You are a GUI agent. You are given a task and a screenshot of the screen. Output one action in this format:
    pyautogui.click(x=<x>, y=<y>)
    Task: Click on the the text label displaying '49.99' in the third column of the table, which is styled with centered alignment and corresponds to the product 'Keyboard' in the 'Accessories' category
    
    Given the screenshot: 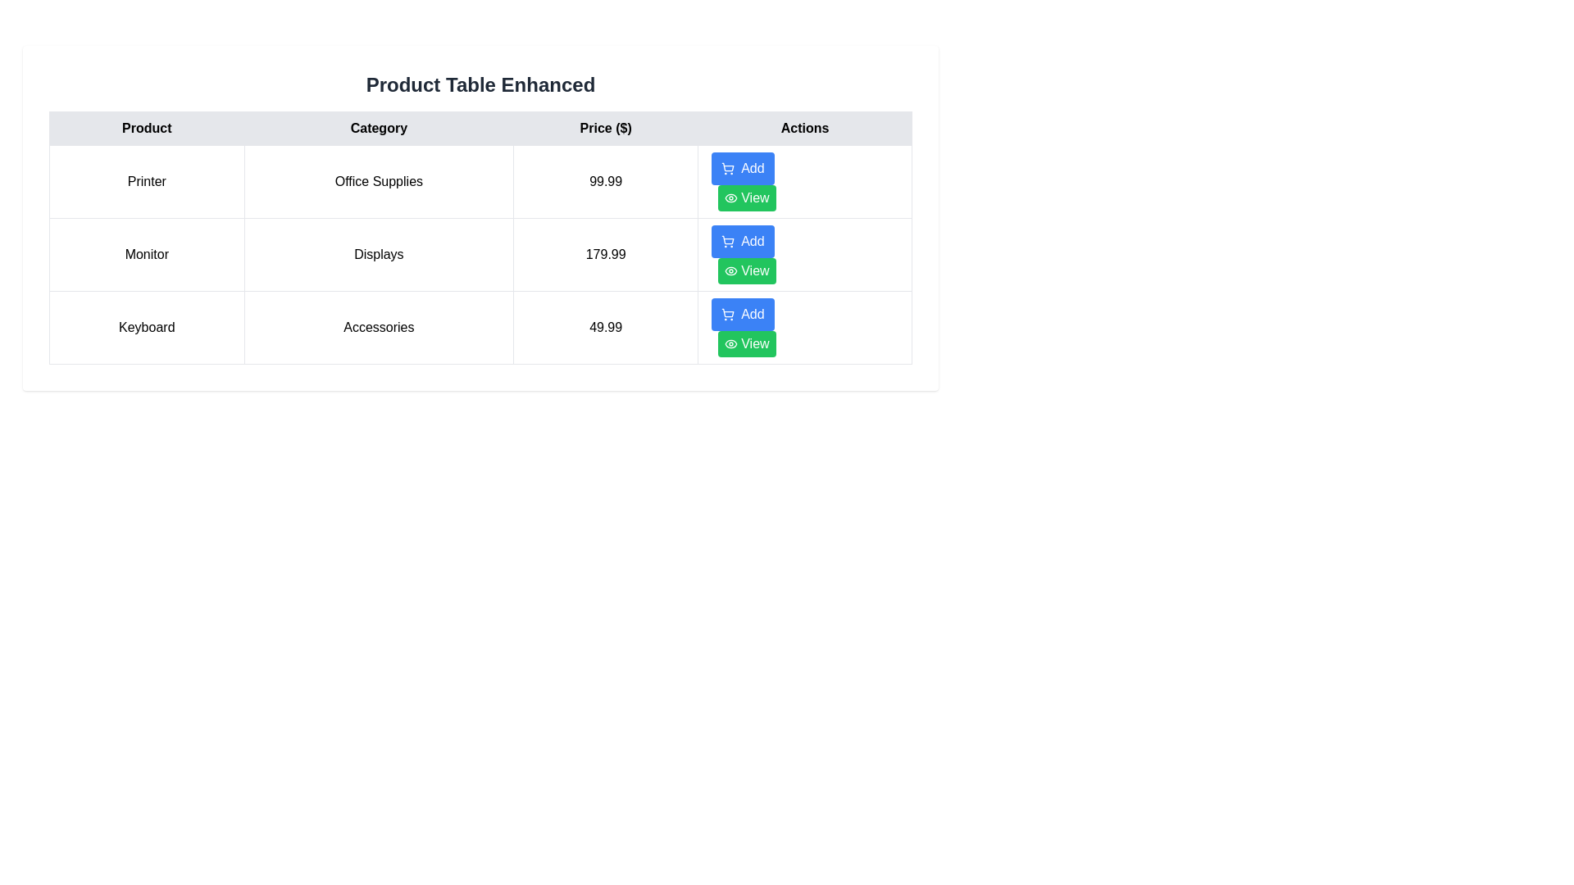 What is the action you would take?
    pyautogui.click(x=605, y=328)
    